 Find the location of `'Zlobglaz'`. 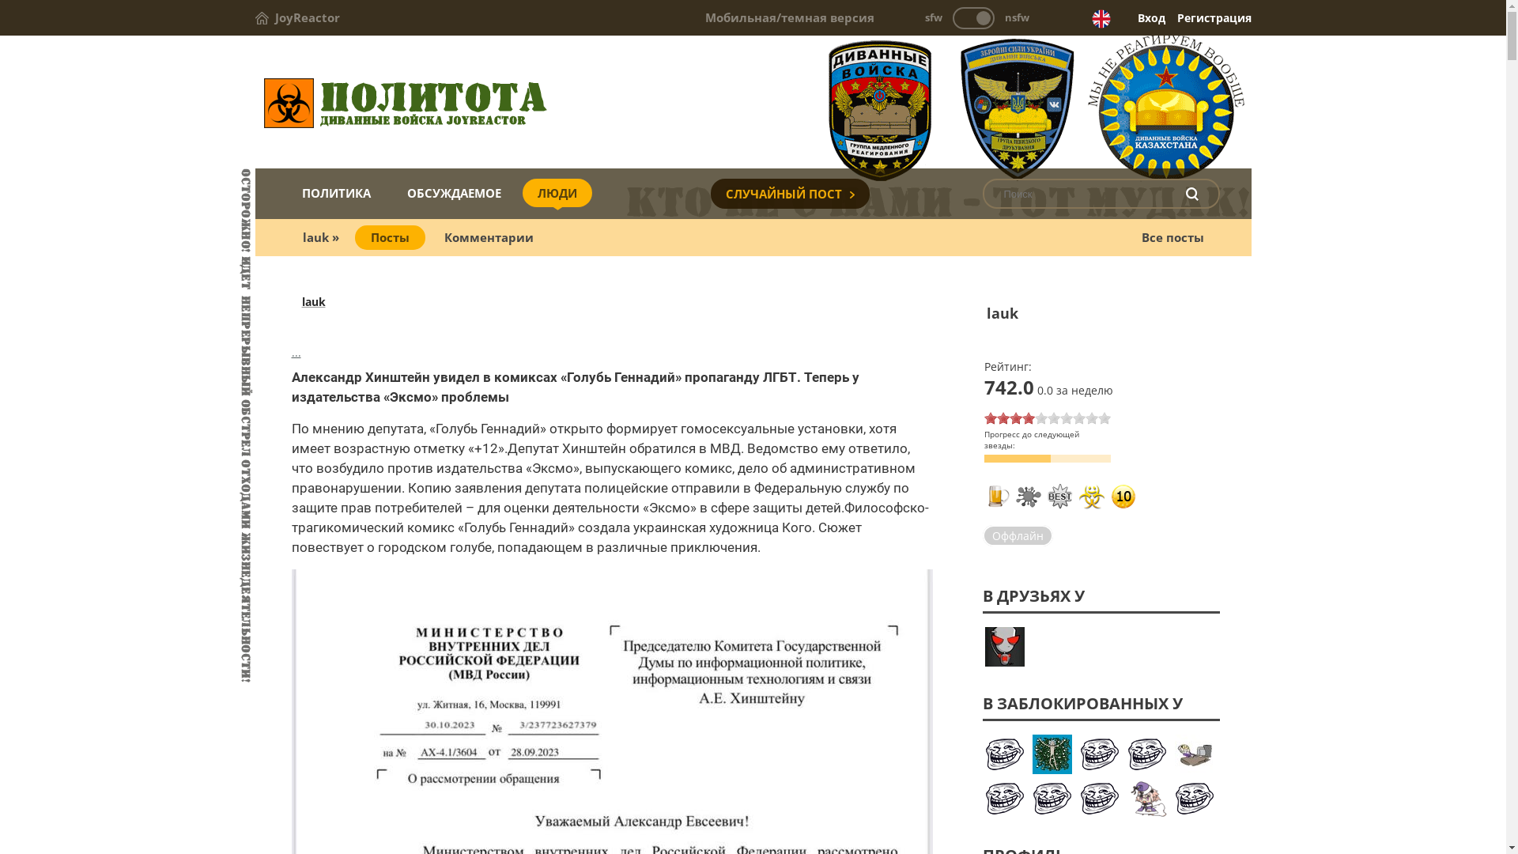

'Zlobglaz' is located at coordinates (1052, 799).